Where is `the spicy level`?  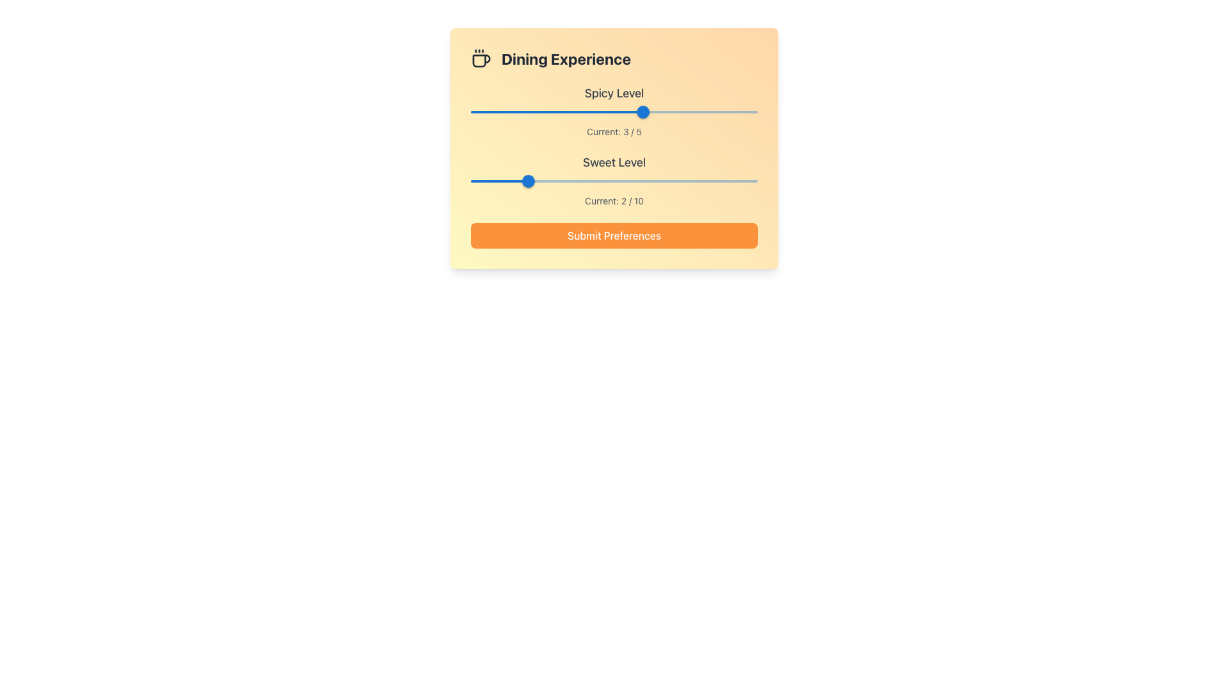 the spicy level is located at coordinates (685, 111).